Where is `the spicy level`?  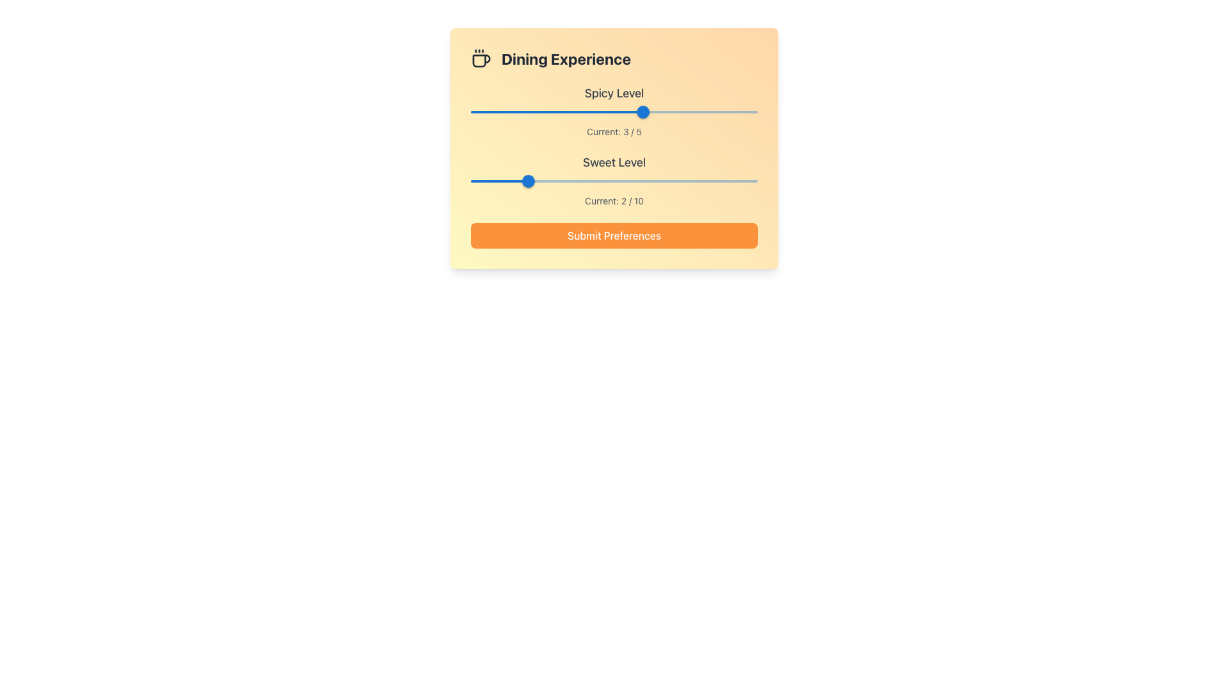 the spicy level is located at coordinates (685, 111).